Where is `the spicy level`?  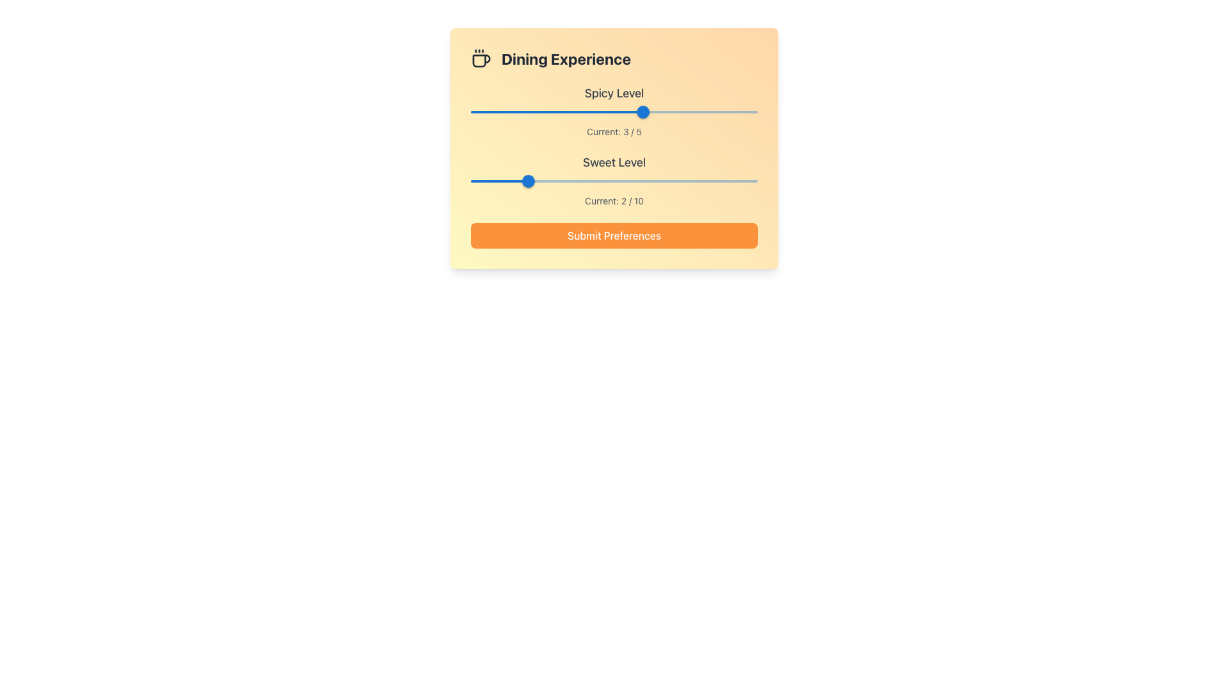 the spicy level is located at coordinates (685, 111).